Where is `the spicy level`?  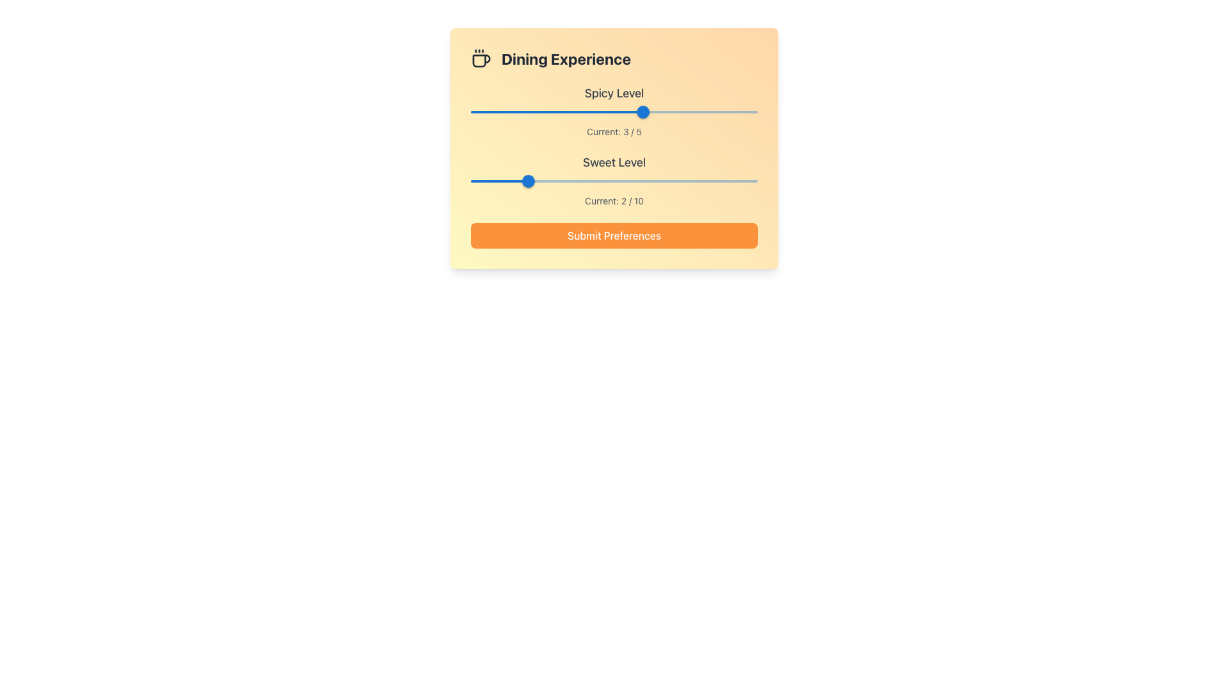 the spicy level is located at coordinates (685, 111).